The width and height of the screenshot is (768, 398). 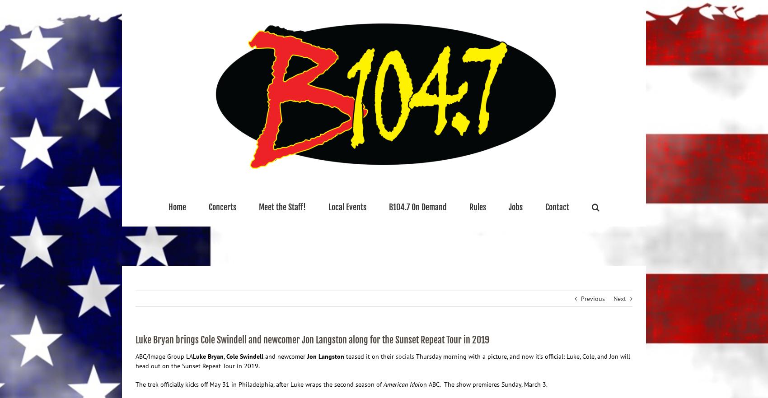 What do you see at coordinates (177, 207) in the screenshot?
I see `'Home'` at bounding box center [177, 207].